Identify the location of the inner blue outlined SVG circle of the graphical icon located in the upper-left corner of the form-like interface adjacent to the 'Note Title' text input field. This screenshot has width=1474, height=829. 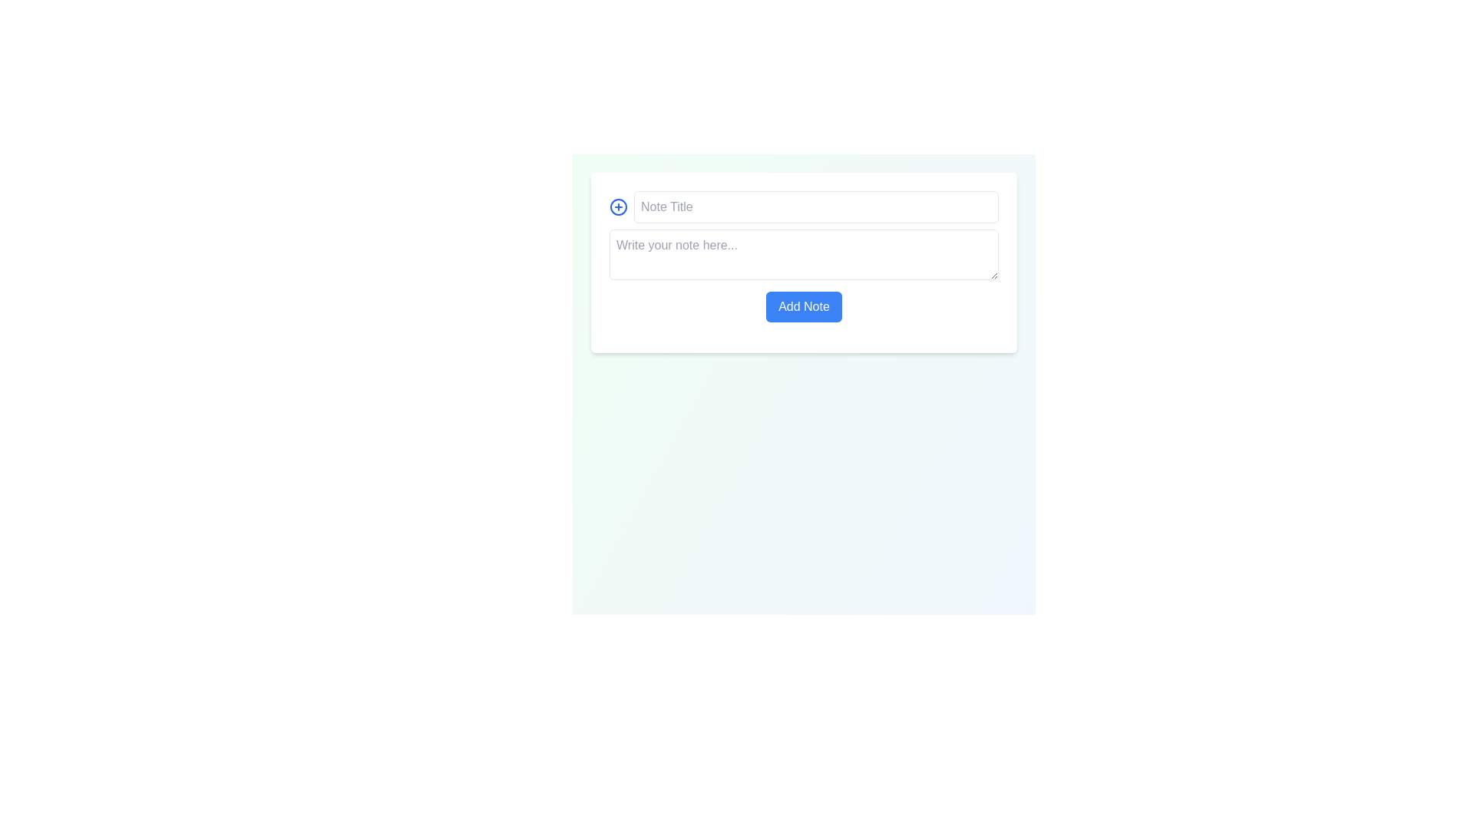
(619, 207).